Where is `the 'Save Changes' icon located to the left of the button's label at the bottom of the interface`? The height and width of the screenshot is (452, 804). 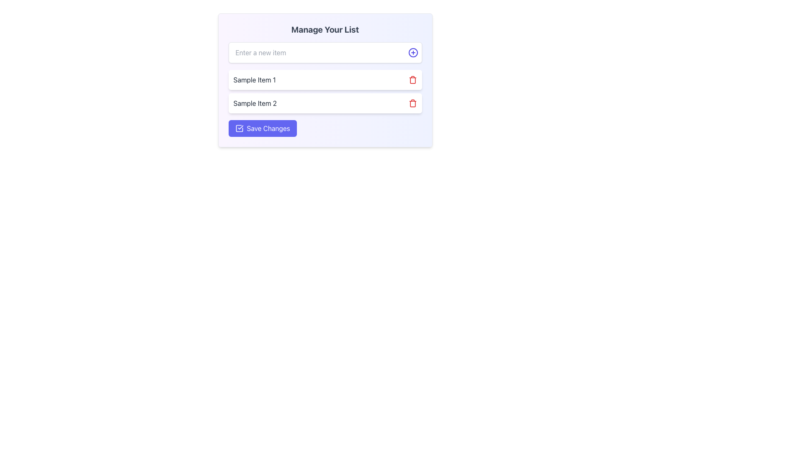
the 'Save Changes' icon located to the left of the button's label at the bottom of the interface is located at coordinates (239, 128).